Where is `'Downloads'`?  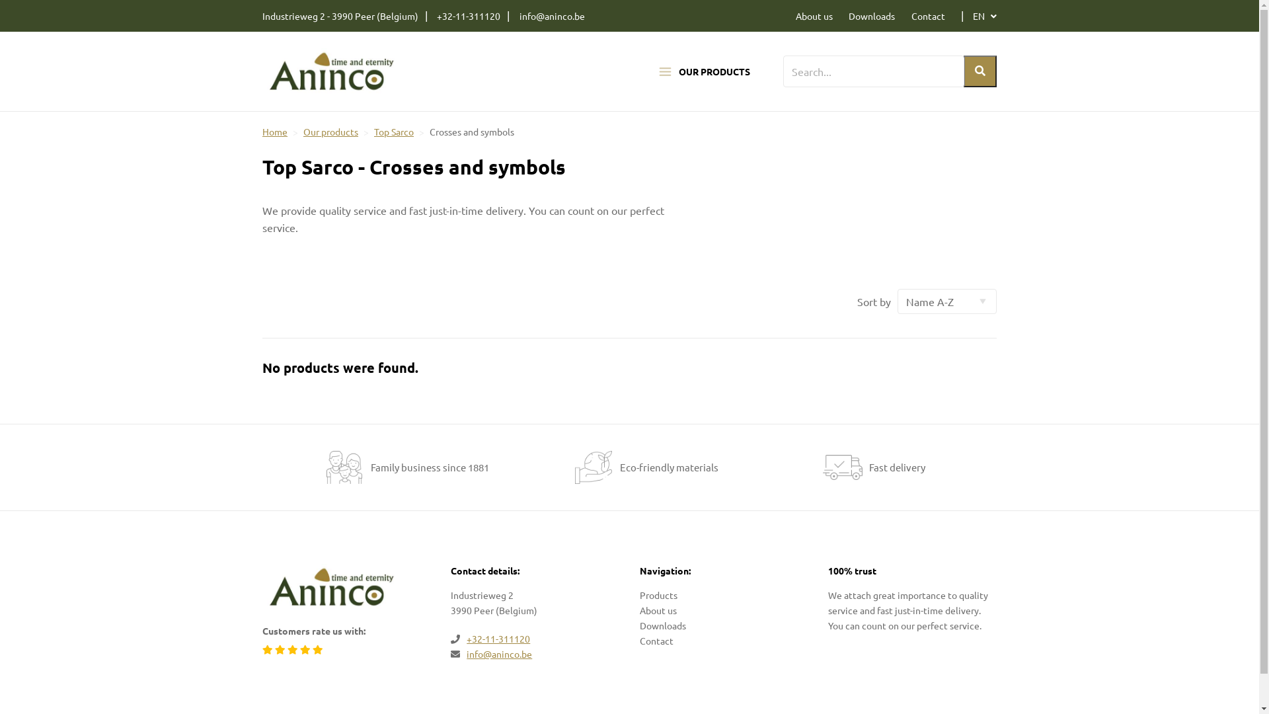 'Downloads' is located at coordinates (872, 15).